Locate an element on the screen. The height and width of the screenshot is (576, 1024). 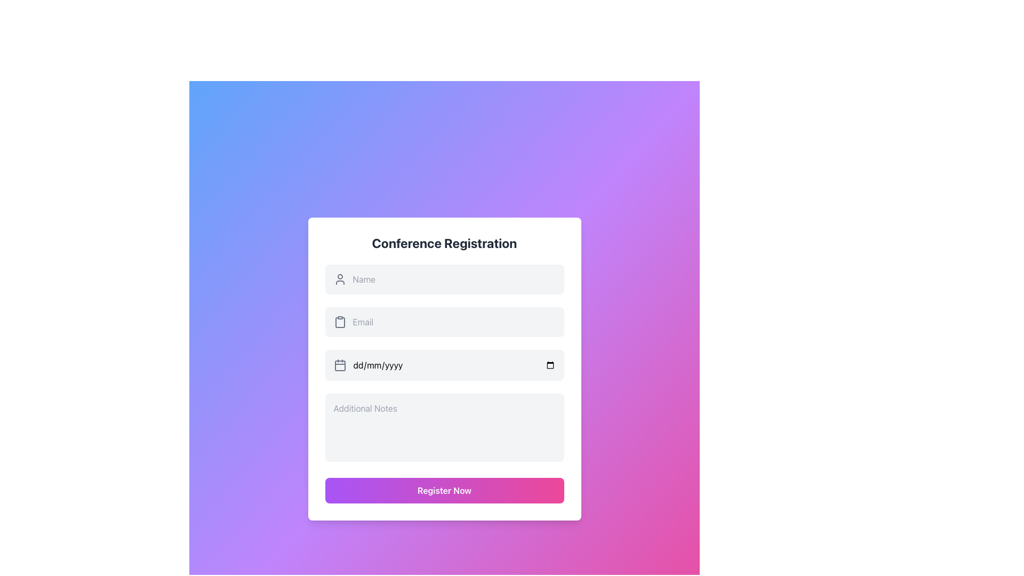
the email address input field, which is located below the 'Name' field and above the 'Date' field is located at coordinates (454, 322).